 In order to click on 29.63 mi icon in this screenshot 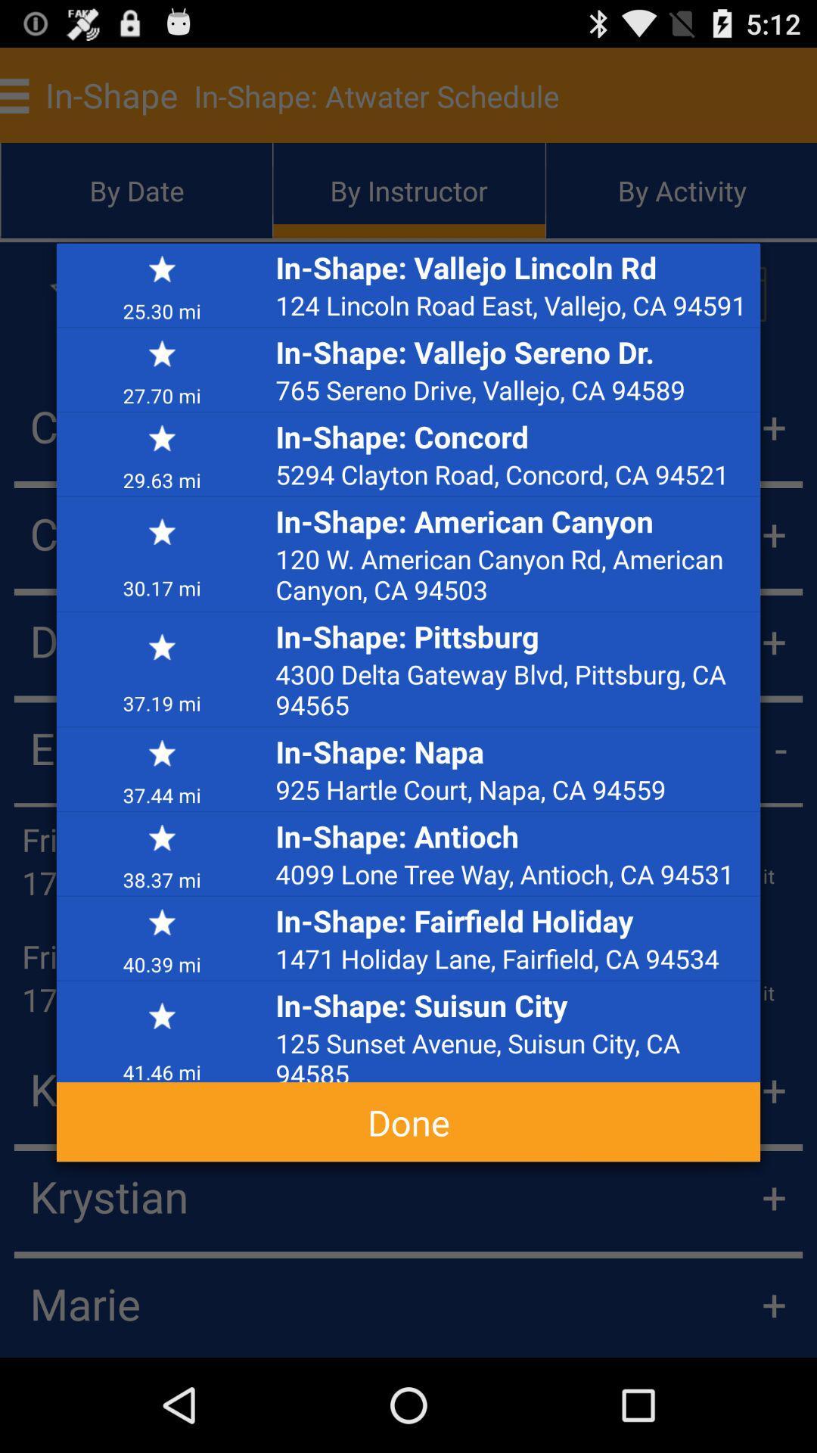, I will do `click(162, 478)`.